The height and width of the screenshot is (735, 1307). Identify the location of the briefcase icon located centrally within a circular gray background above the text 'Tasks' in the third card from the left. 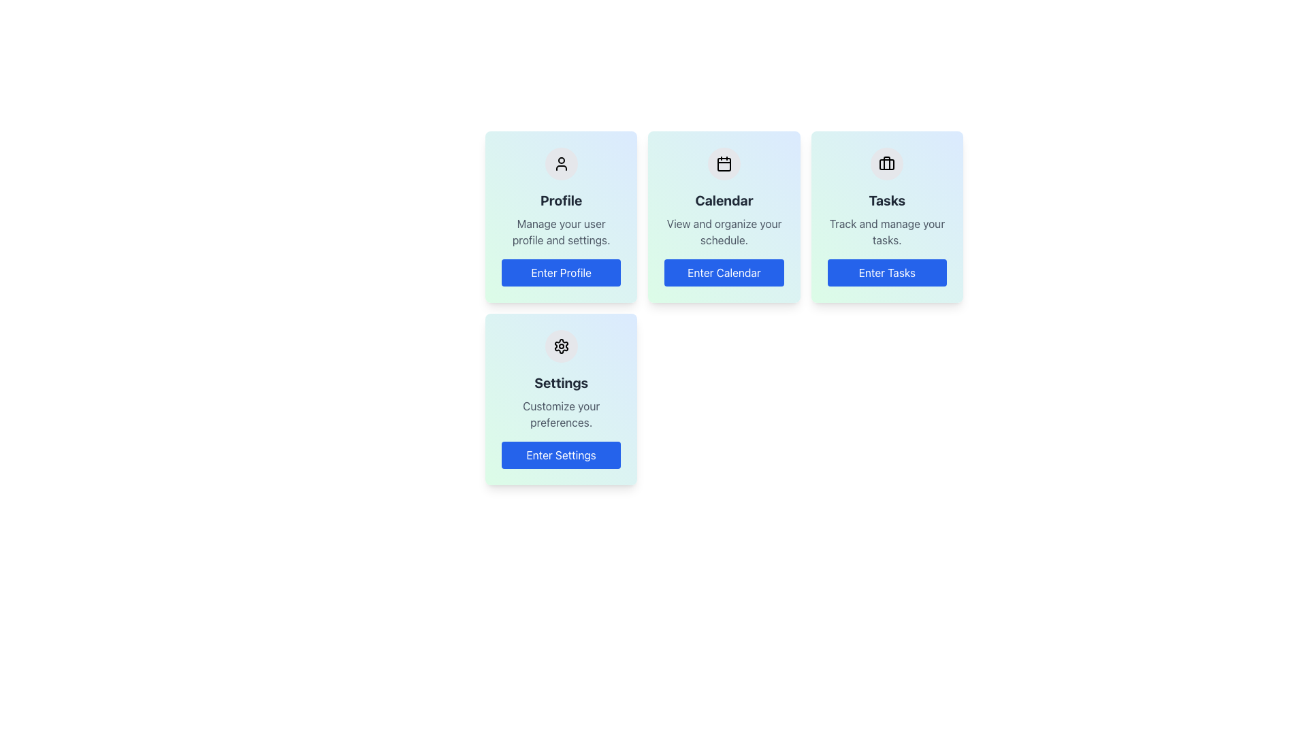
(887, 163).